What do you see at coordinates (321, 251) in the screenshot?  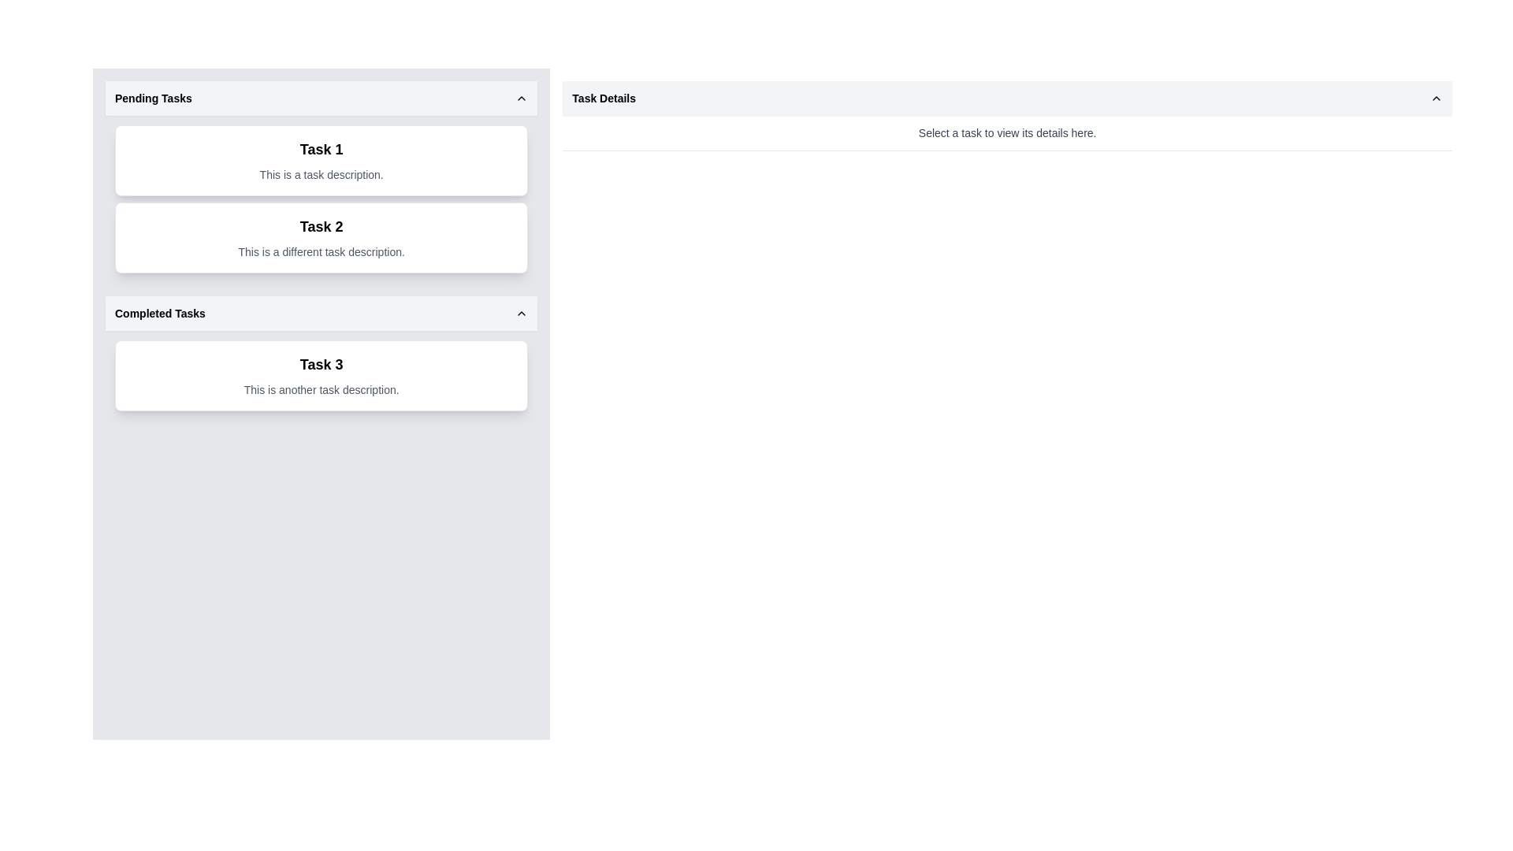 I see `the Text Label located below the 'Task 2' heading in the 'Pending Tasks' section, which provides additional details about the second task` at bounding box center [321, 251].